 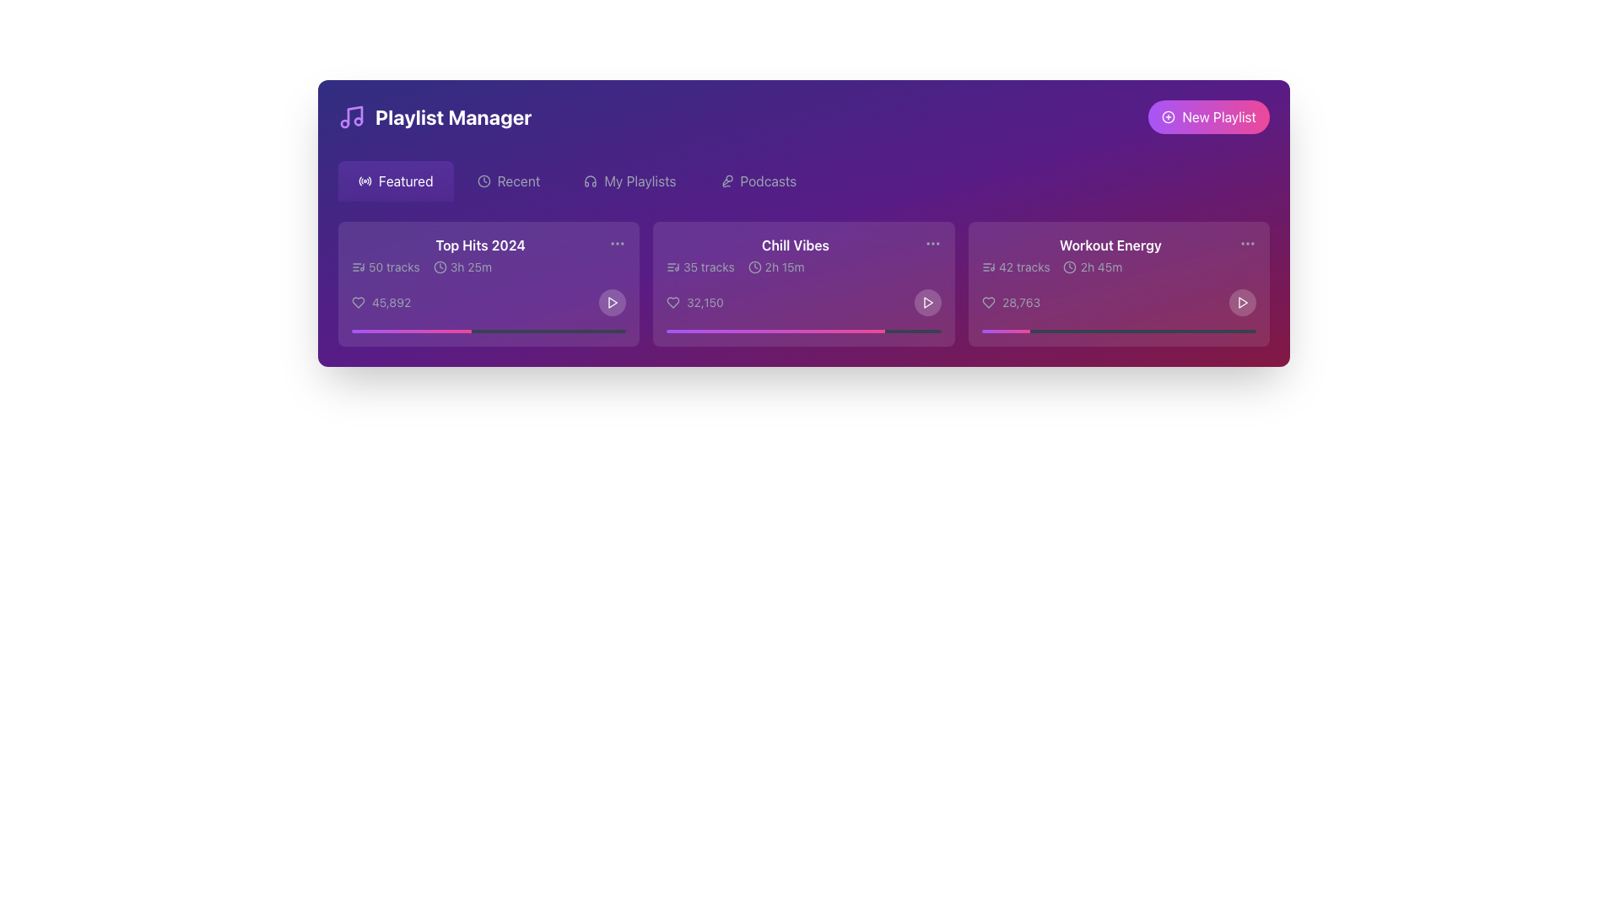 I want to click on the position on the slider, so click(x=805, y=332).